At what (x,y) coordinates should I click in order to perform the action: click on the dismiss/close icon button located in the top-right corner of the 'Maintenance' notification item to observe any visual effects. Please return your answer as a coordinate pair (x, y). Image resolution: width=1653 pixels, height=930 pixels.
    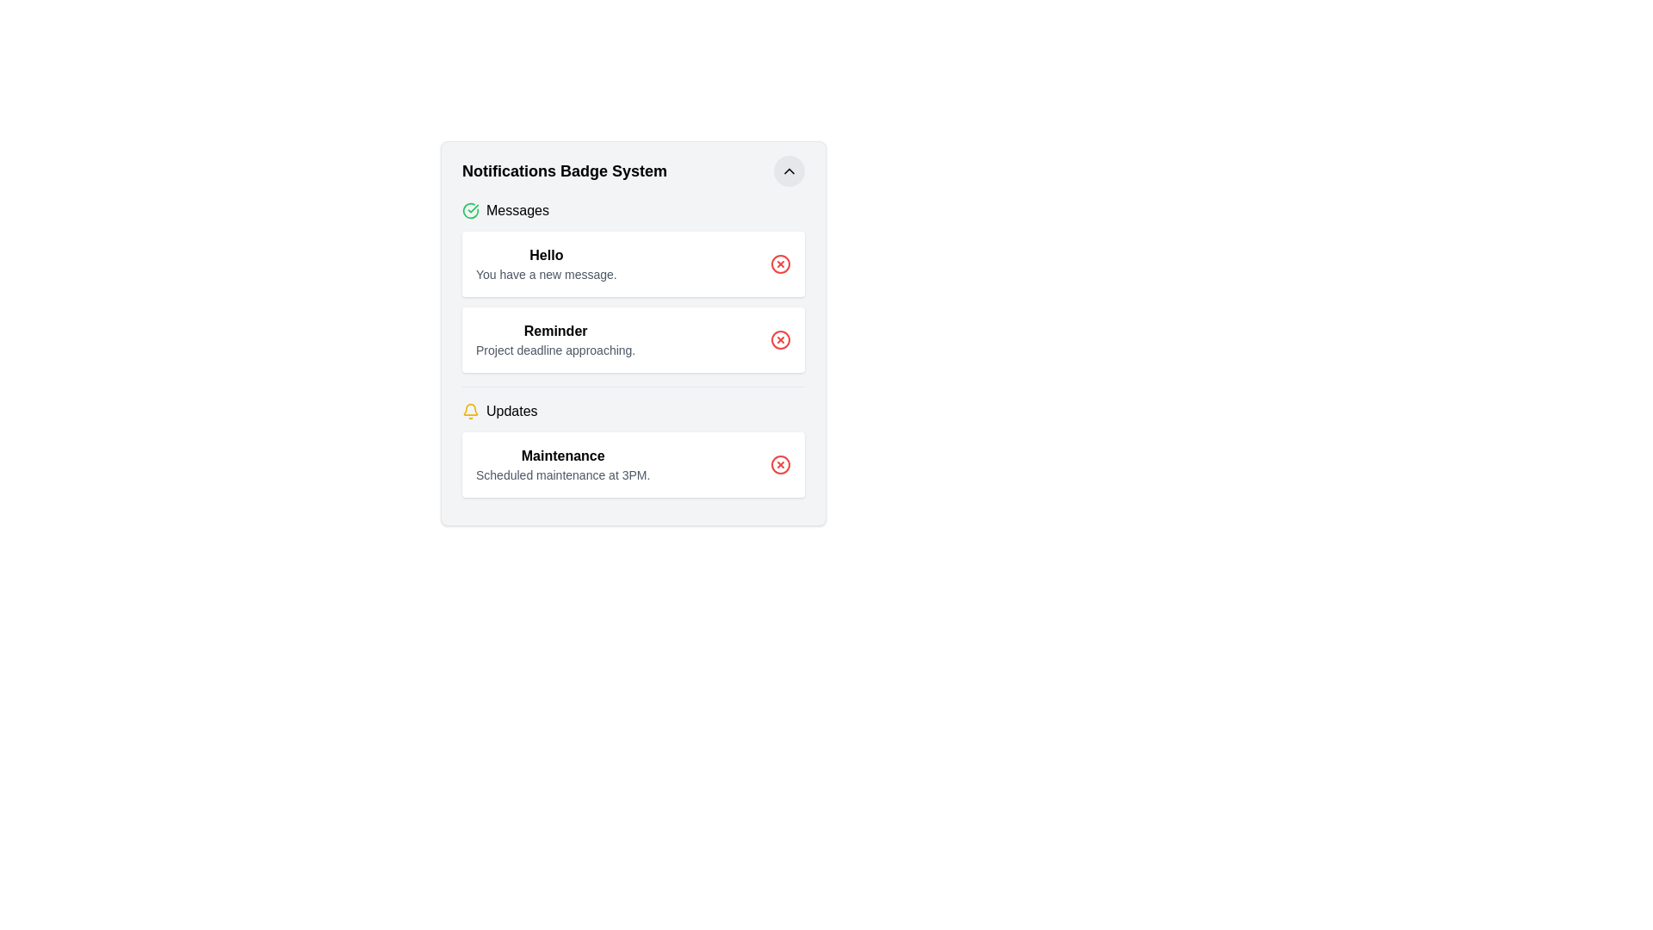
    Looking at the image, I should click on (780, 465).